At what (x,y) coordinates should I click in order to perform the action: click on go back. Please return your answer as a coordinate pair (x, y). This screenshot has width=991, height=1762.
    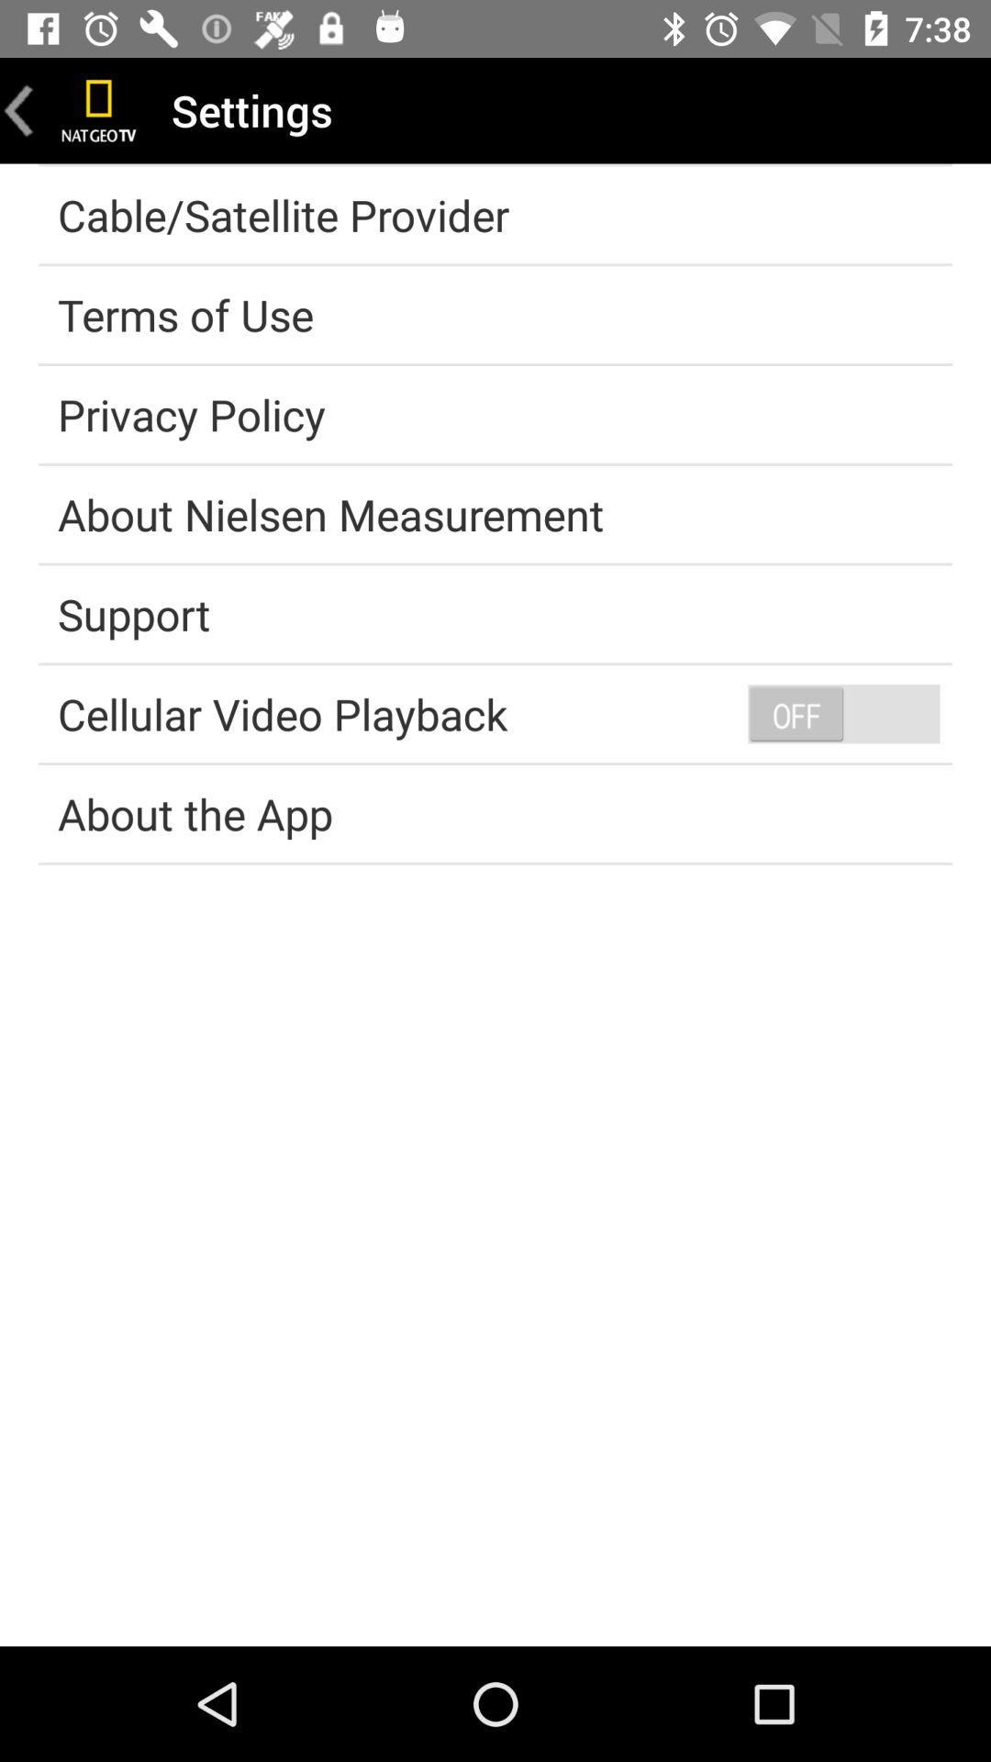
    Looking at the image, I should click on (18, 109).